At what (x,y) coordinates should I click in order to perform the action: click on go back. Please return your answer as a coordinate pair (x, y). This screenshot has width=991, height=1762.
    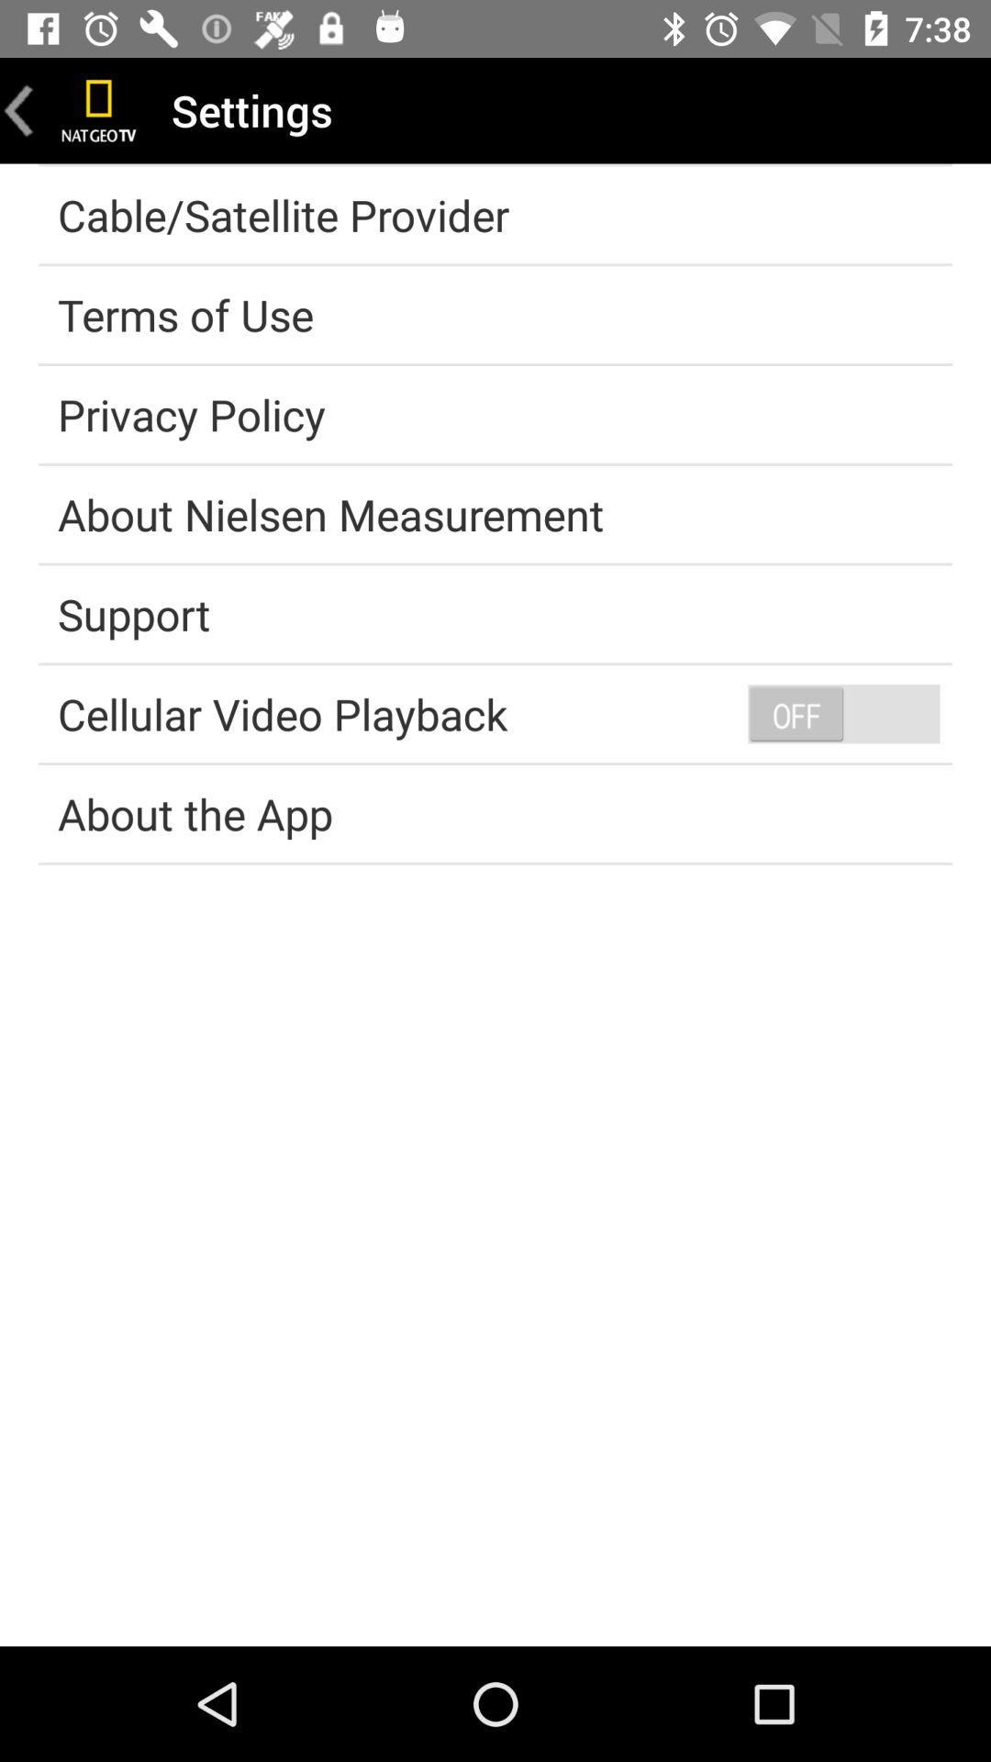
    Looking at the image, I should click on (18, 109).